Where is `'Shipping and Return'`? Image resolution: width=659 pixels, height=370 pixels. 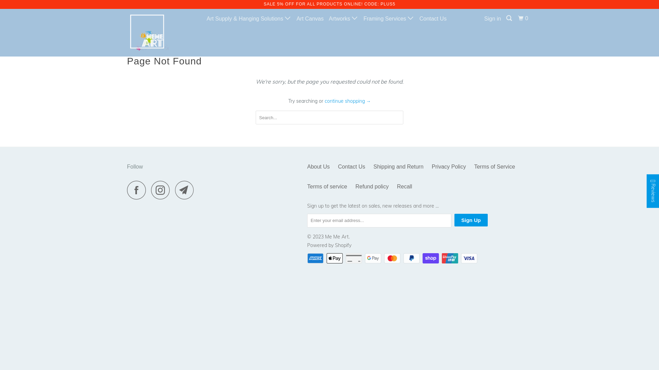
'Shipping and Return' is located at coordinates (398, 166).